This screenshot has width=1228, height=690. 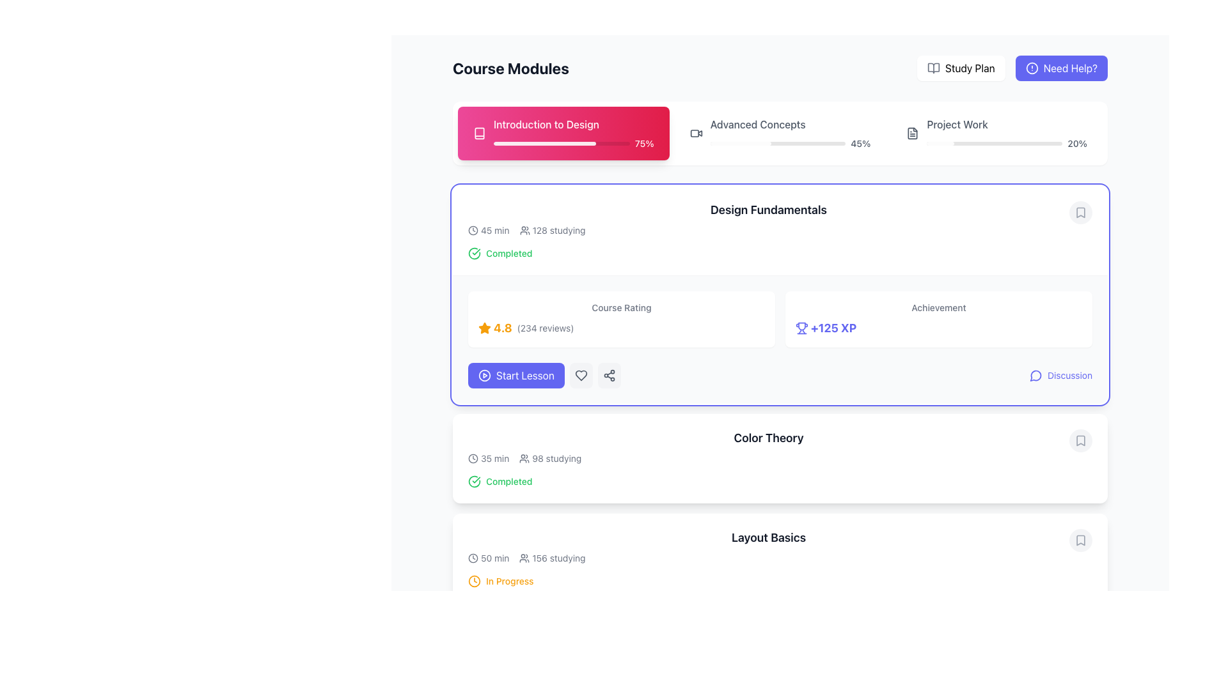 I want to click on the 'Need Help?' text element, which is located in the top-right button of the application, adjacent to the 'Study Plan' button, so click(x=1070, y=68).